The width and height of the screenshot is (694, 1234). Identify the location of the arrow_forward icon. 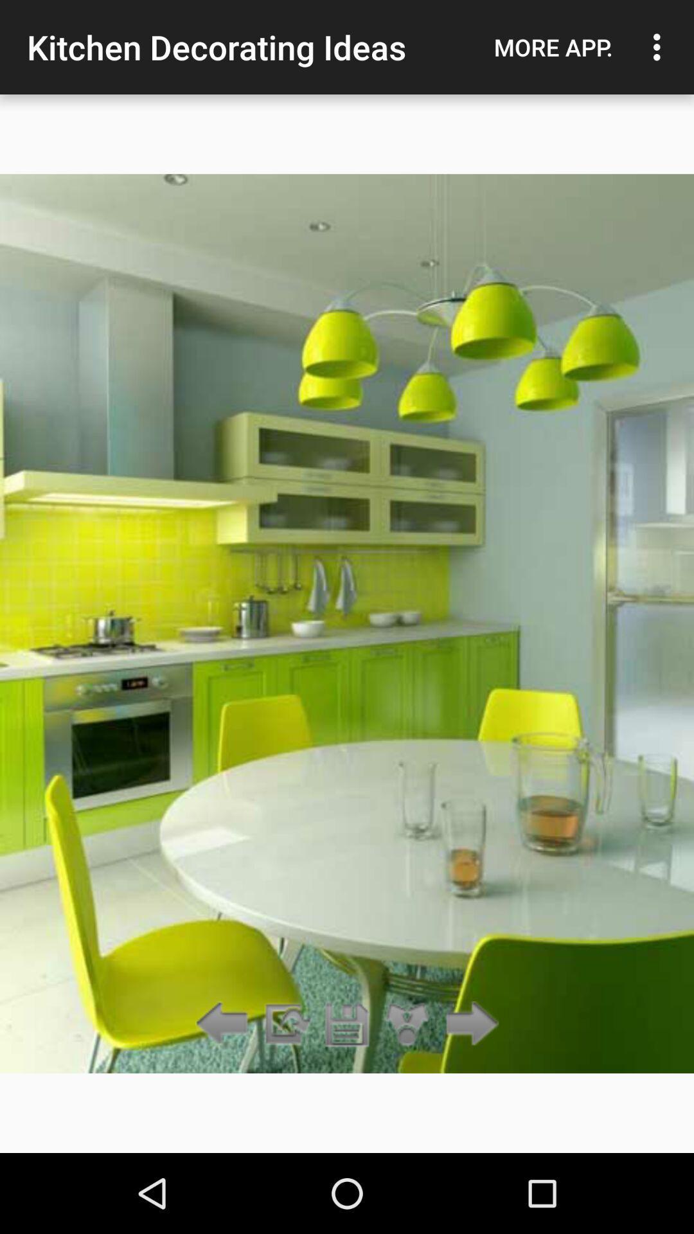
(468, 1024).